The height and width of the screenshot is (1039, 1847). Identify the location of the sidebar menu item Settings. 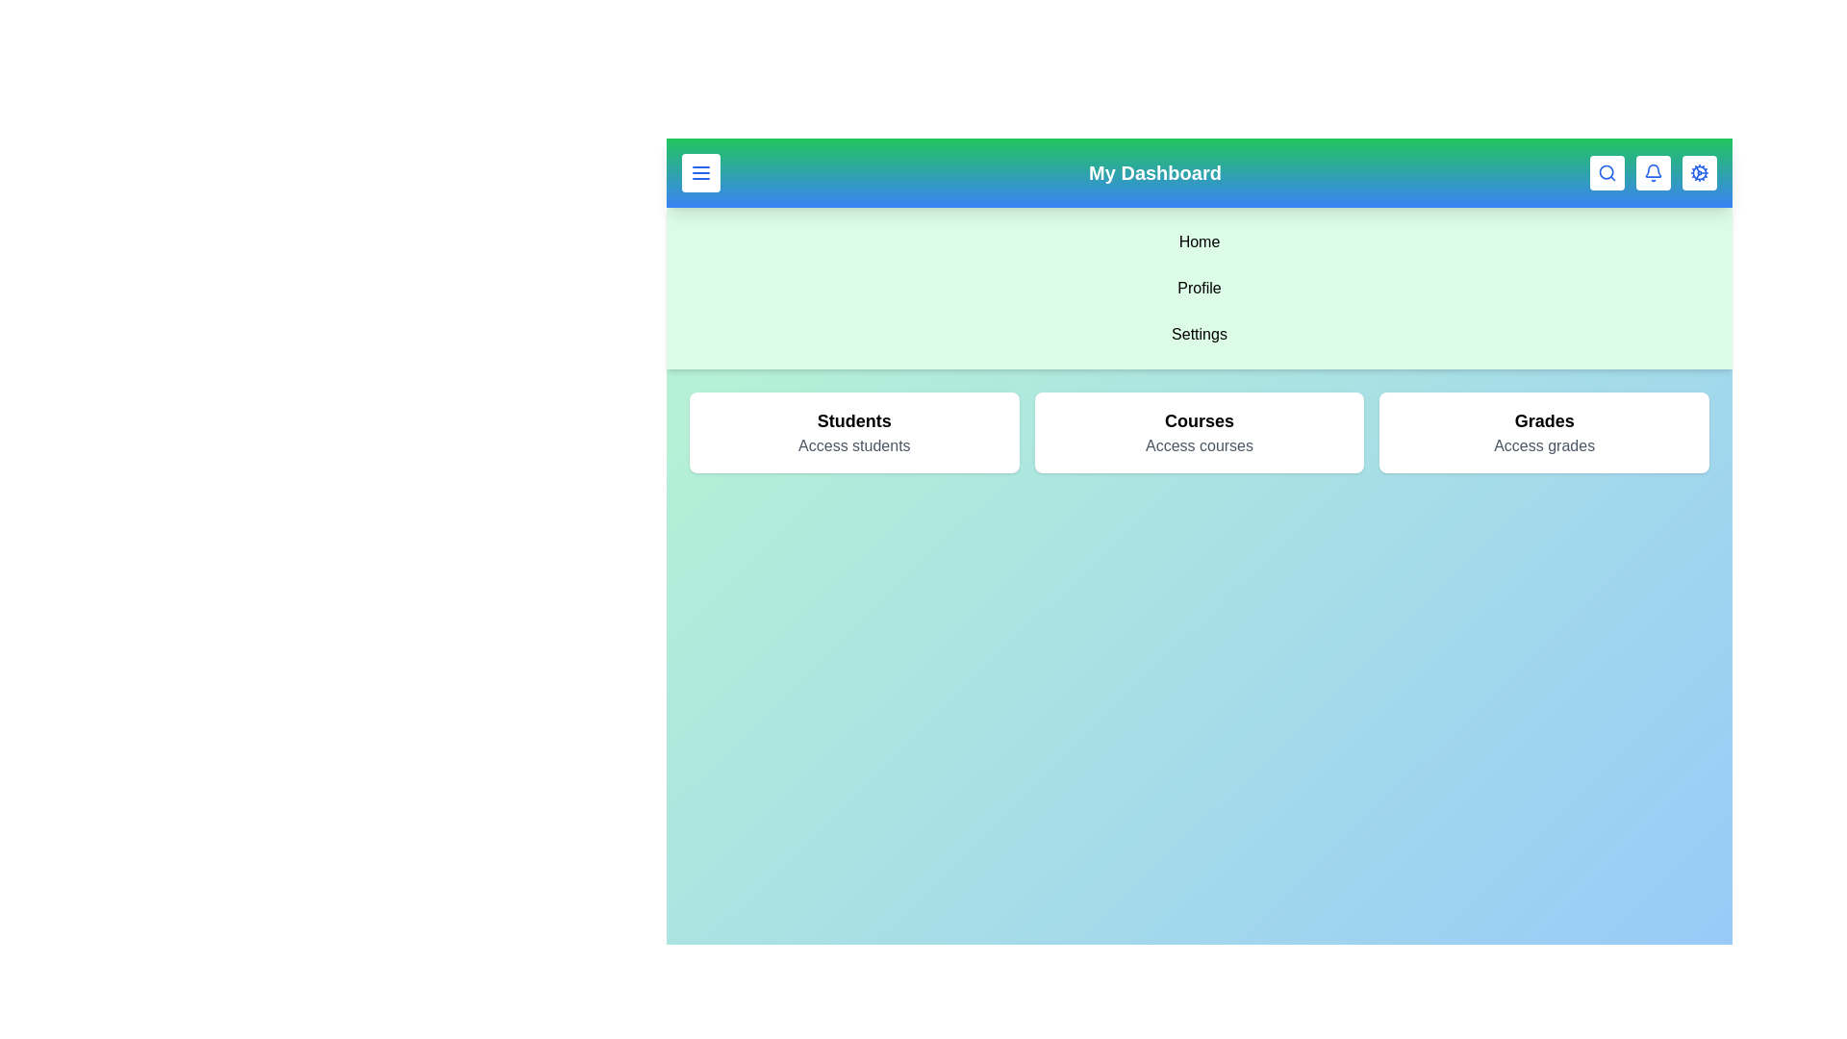
(1199, 333).